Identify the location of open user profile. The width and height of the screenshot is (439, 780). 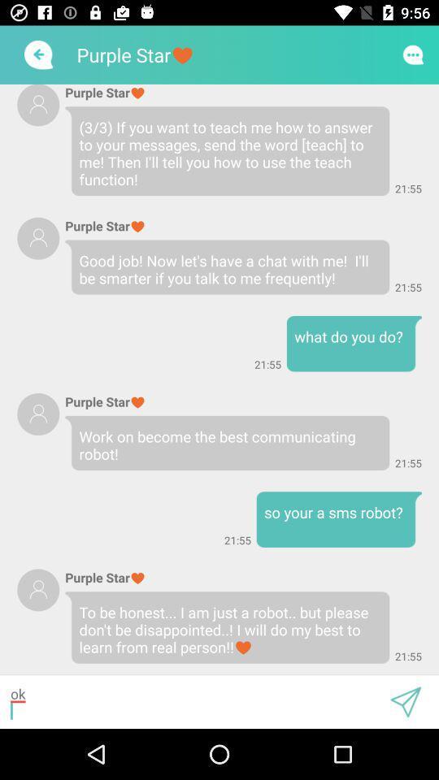
(38, 589).